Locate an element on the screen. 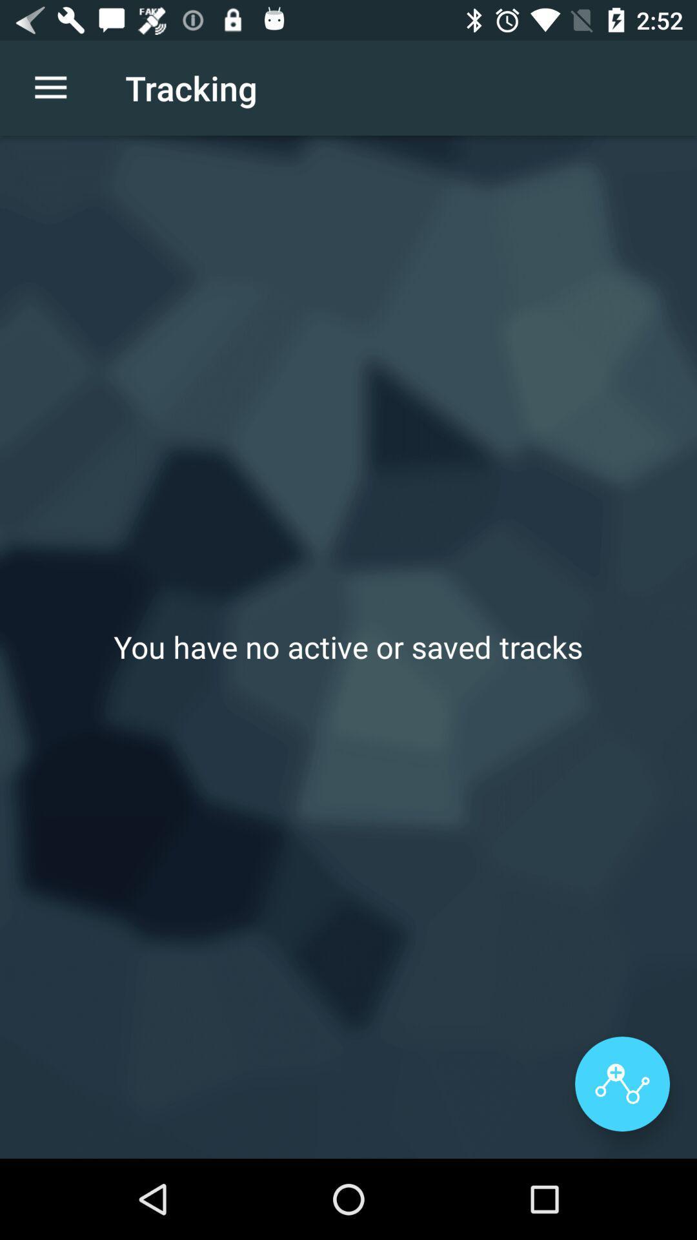 This screenshot has width=697, height=1240. item to the left of the tracking is located at coordinates (50, 87).